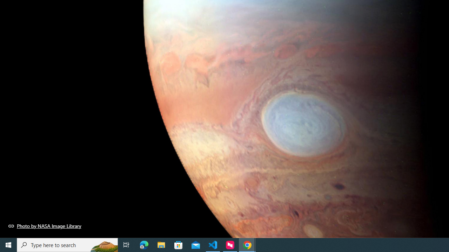  What do you see at coordinates (45, 226) in the screenshot?
I see `'Photo by NASA Image Library'` at bounding box center [45, 226].